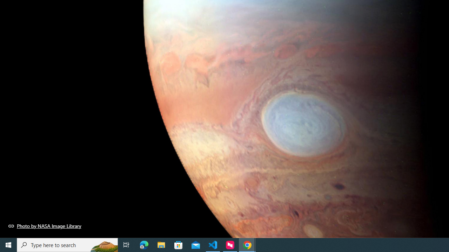  What do you see at coordinates (45, 226) in the screenshot?
I see `'Photo by NASA Image Library'` at bounding box center [45, 226].